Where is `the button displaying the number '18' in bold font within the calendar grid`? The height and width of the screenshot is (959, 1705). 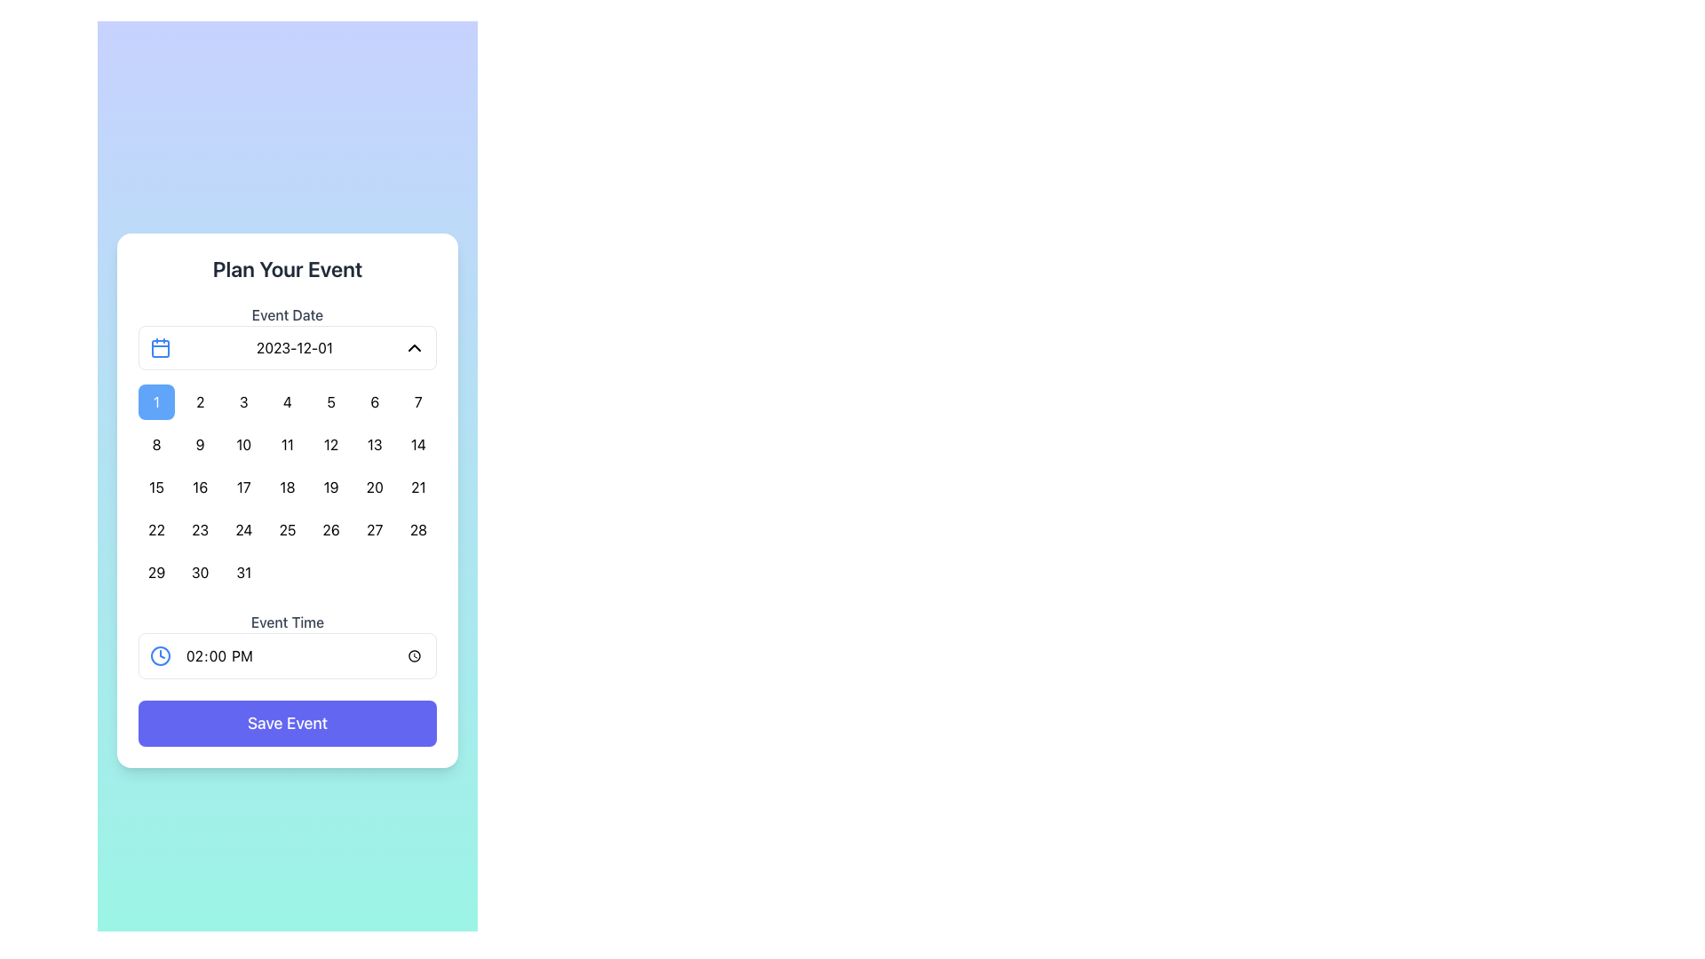
the button displaying the number '18' in bold font within the calendar grid is located at coordinates (287, 487).